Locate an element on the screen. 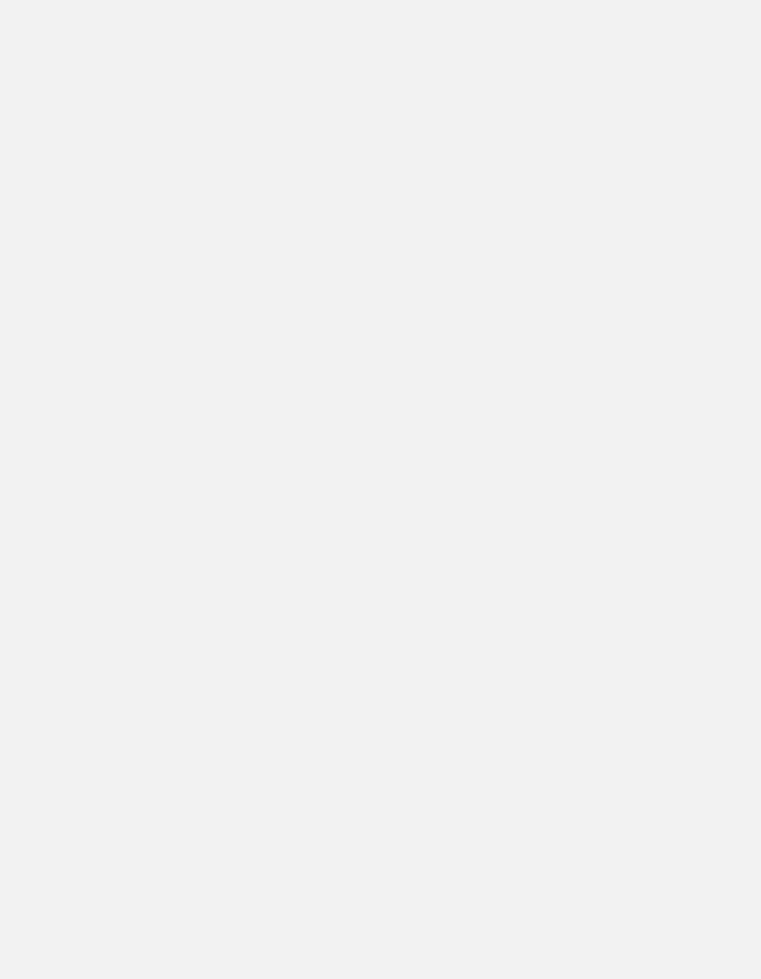 The width and height of the screenshot is (761, 979). '. Live results, Goal Scorers , Half Time result, Full-Time result, 2nd Half result, h2h, head to head, line ups, goals, red cards, yellow cards, statistics, betting, follow the game with foot live.' is located at coordinates (62, 689).